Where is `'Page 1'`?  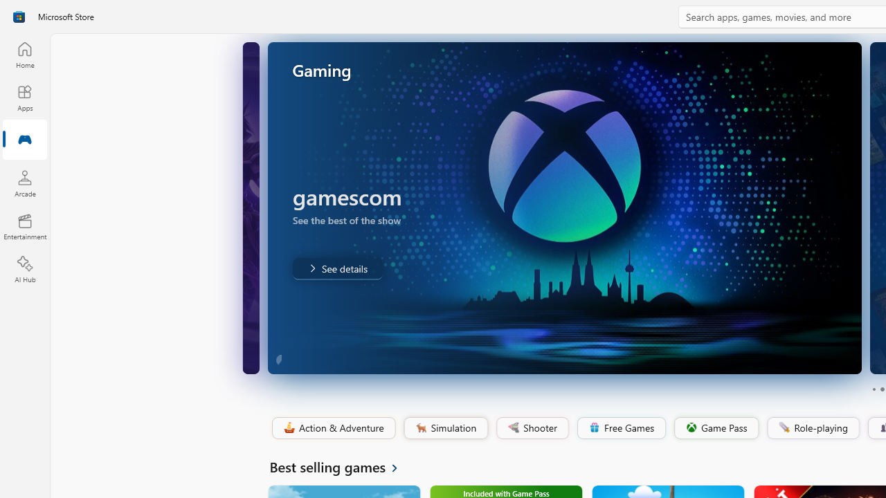 'Page 1' is located at coordinates (873, 389).